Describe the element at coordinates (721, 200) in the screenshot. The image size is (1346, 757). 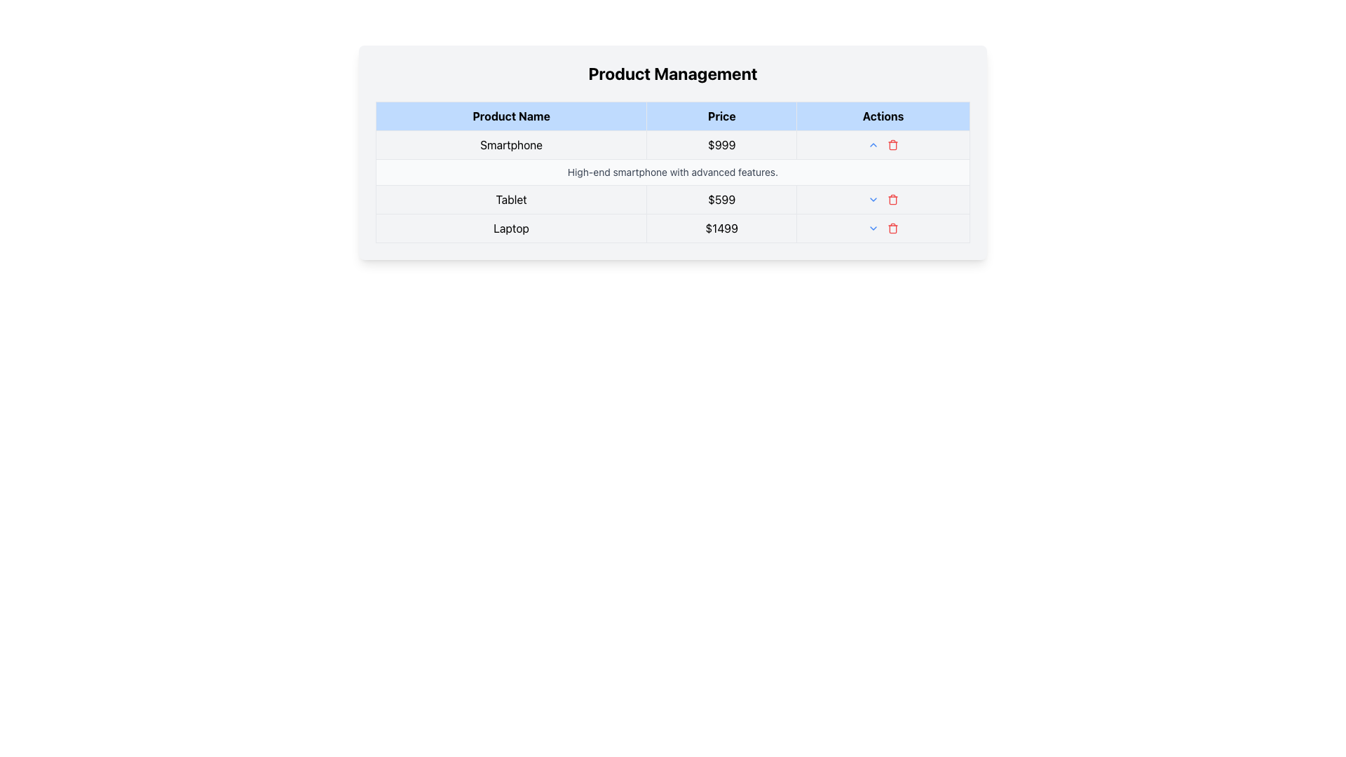
I see `the static text label displaying the price of the 'Tablet' product, which is located in the 'Price' column of the product table` at that location.